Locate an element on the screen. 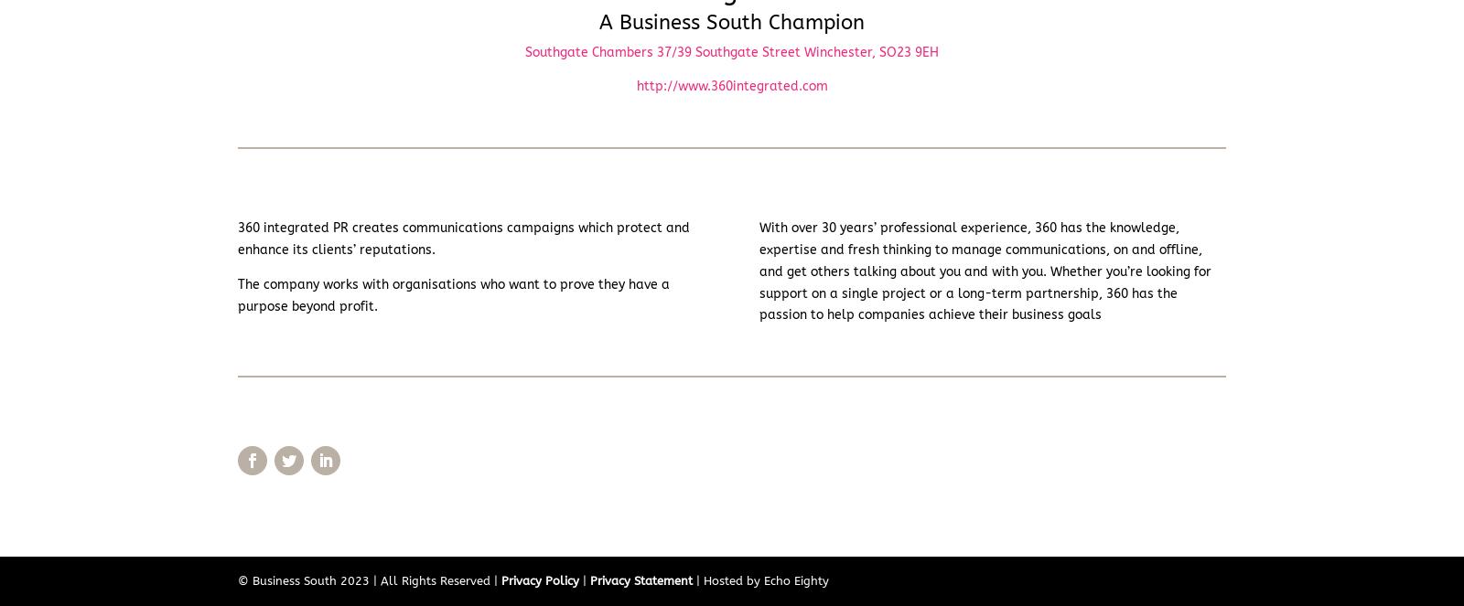 This screenshot has height=606, width=1464. 'Southgate Chambers 37/39 Southgate Street Winchester,' is located at coordinates (524, 50).